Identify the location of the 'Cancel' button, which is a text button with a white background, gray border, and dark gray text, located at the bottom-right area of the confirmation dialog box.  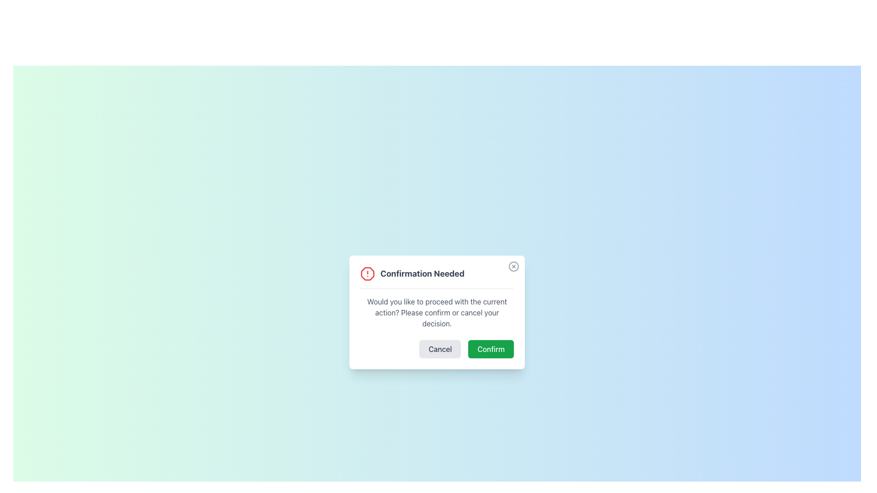
(436, 349).